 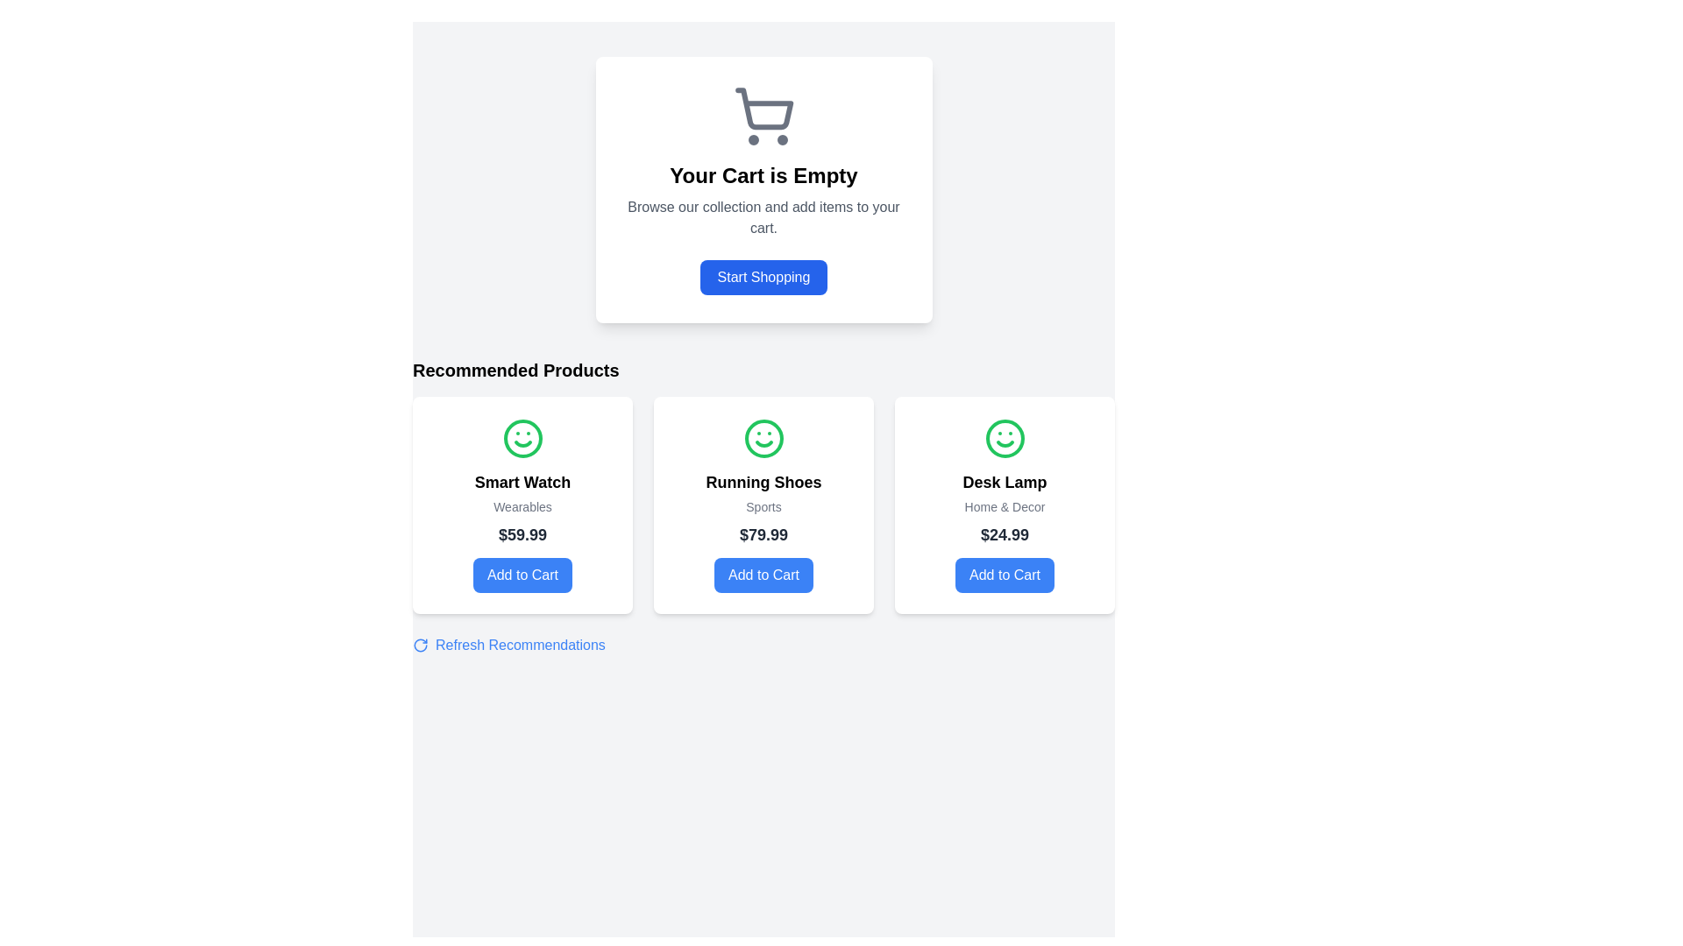 What do you see at coordinates (508, 645) in the screenshot?
I see `the clickable link with an icon located at the bottom of the 'Recommended Products' section` at bounding box center [508, 645].